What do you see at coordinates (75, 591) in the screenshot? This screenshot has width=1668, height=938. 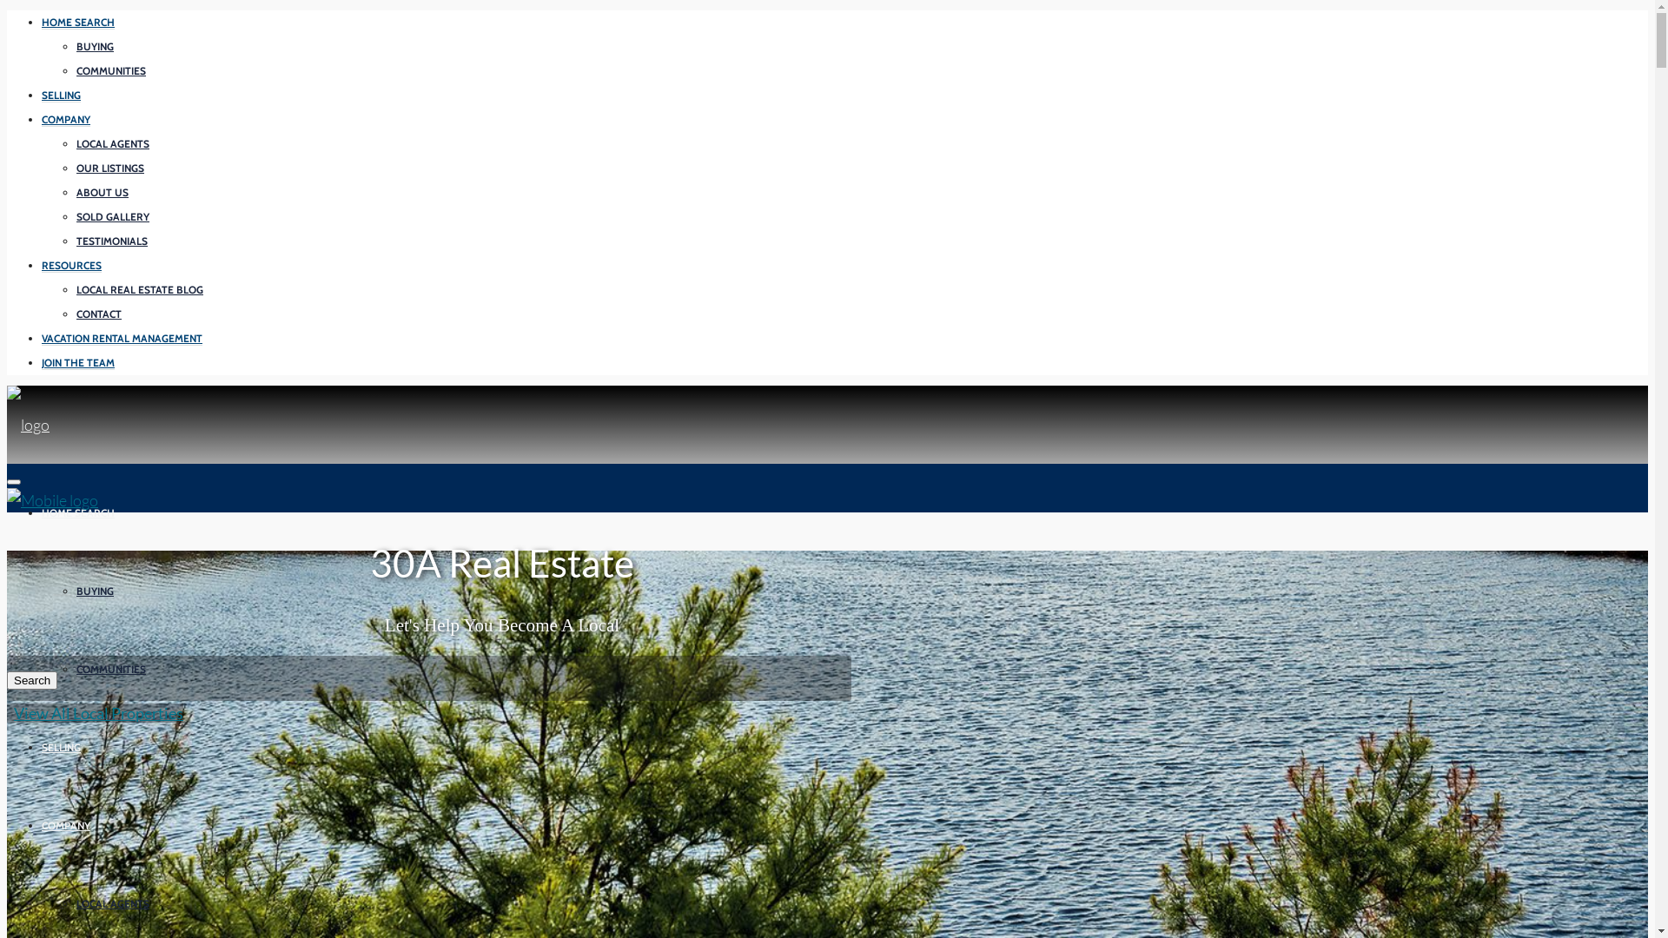 I see `'BUYING'` at bounding box center [75, 591].